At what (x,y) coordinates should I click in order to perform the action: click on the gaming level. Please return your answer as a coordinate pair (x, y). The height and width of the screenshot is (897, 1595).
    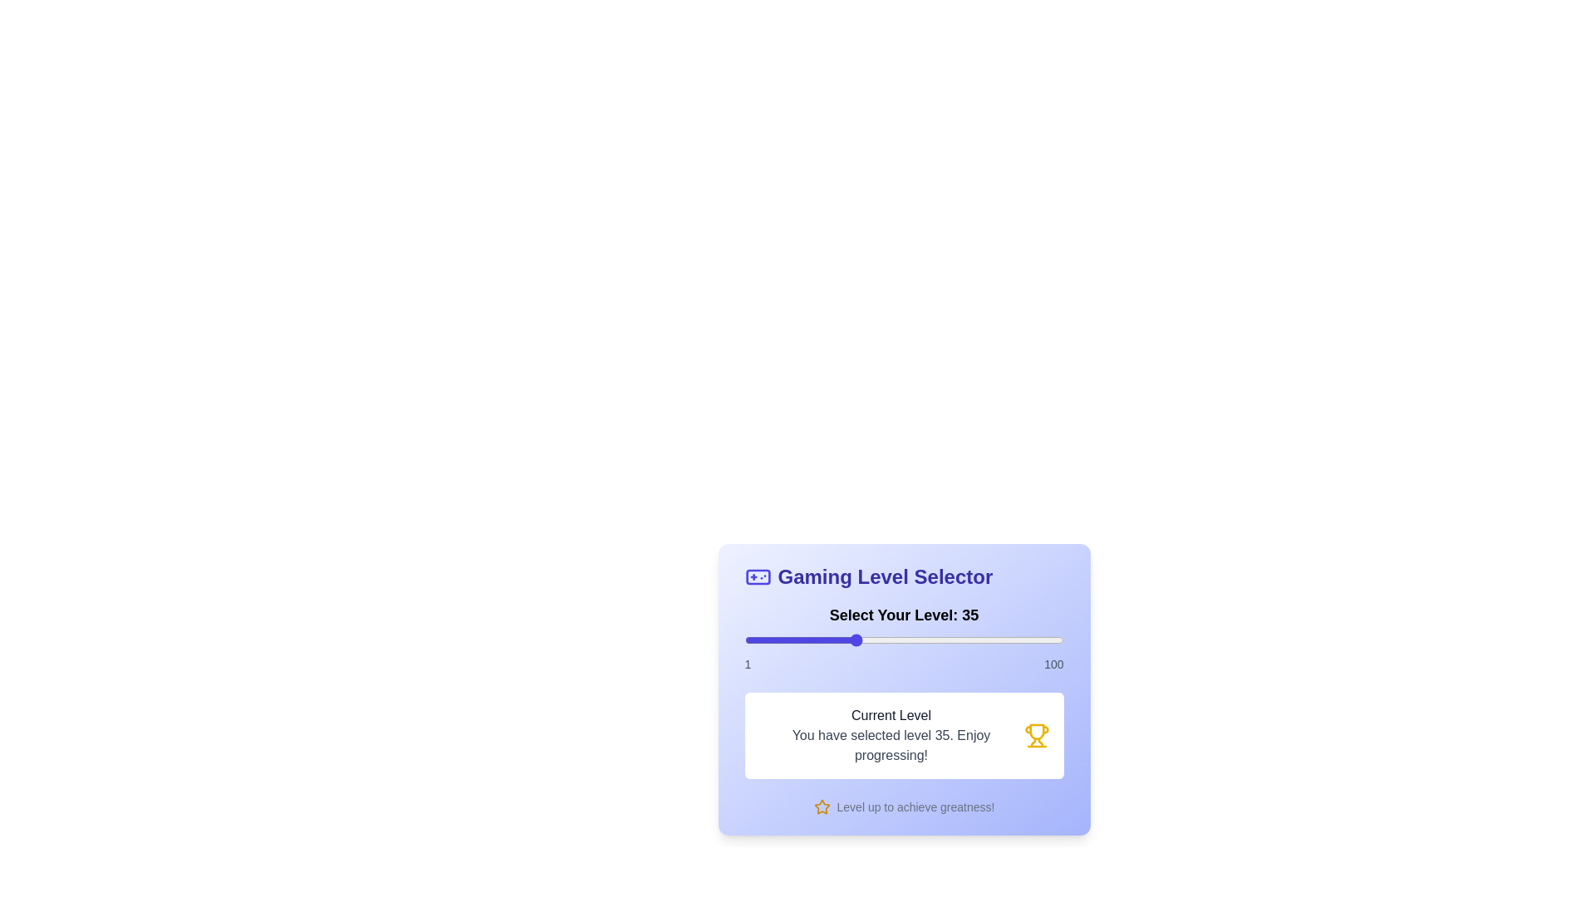
    Looking at the image, I should click on (851, 640).